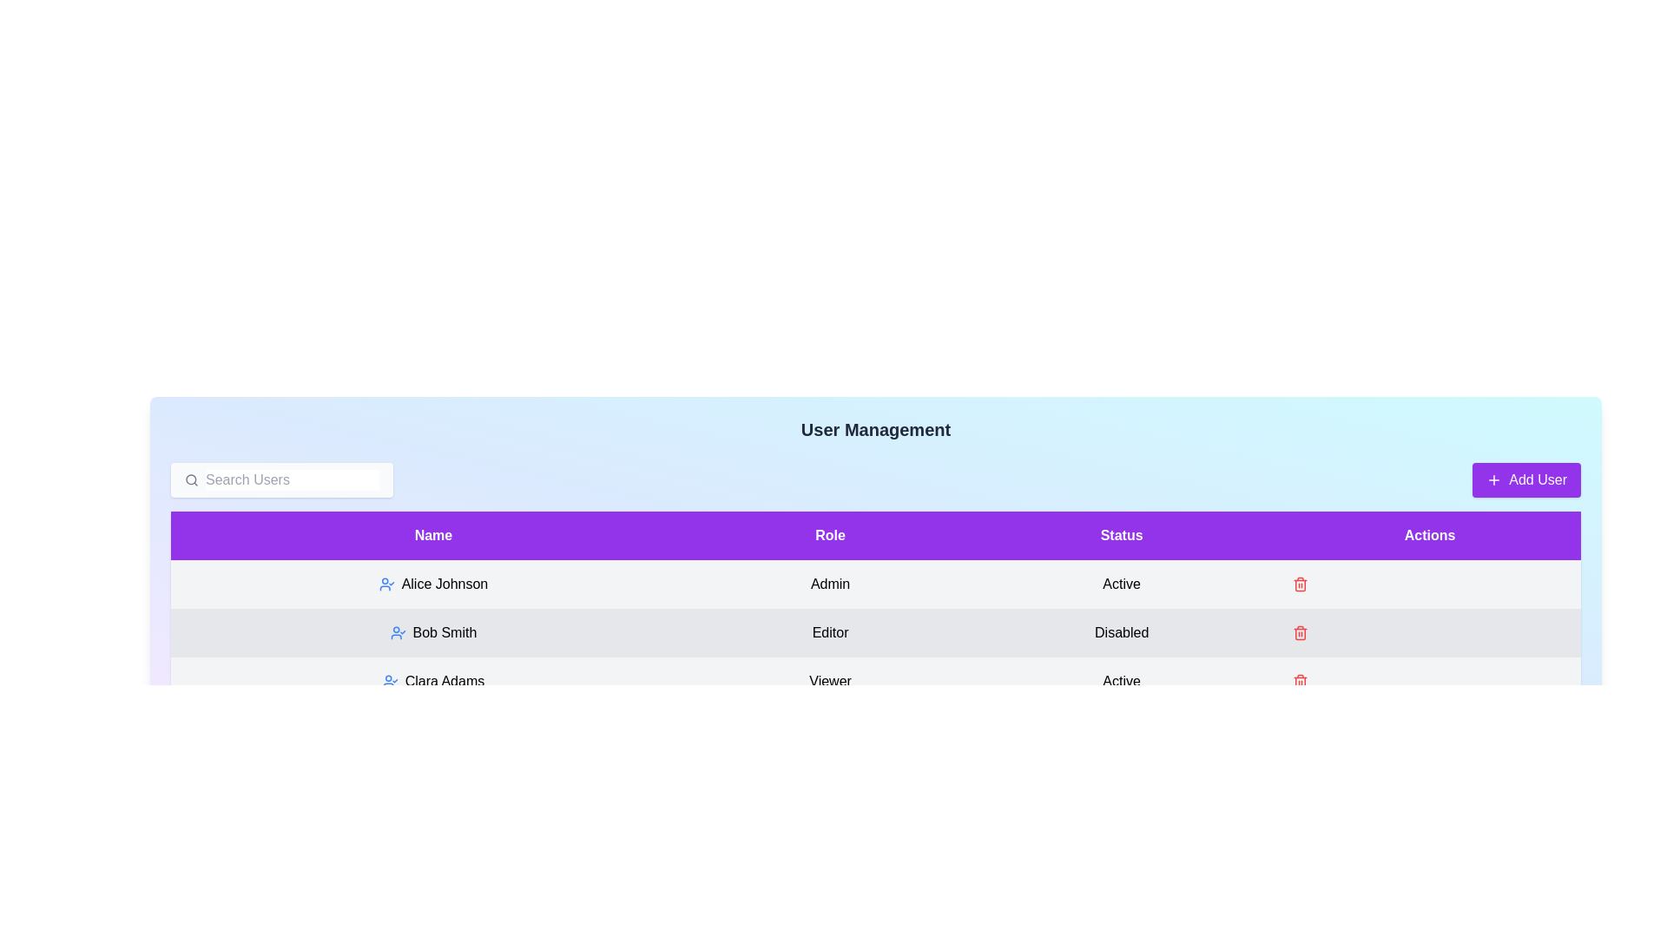 Image resolution: width=1667 pixels, height=938 pixels. I want to click on the header Name to sort the table by that column, so click(433, 535).